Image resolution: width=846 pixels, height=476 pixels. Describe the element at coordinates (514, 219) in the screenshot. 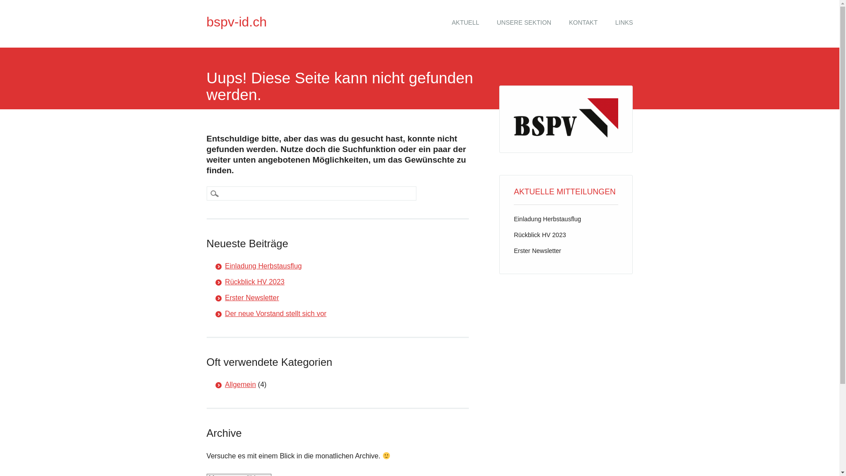

I see `'Einladung Herbstausflug'` at that location.